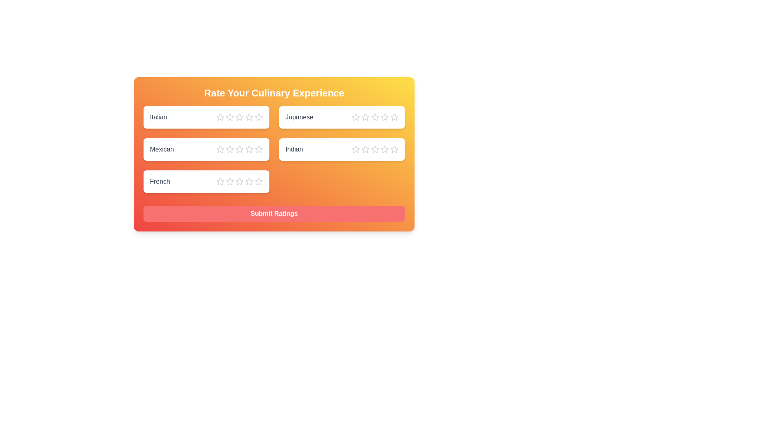 This screenshot has height=434, width=772. Describe the element at coordinates (365, 117) in the screenshot. I see `the star corresponding to the rating 2 for the cuisine Japanese` at that location.